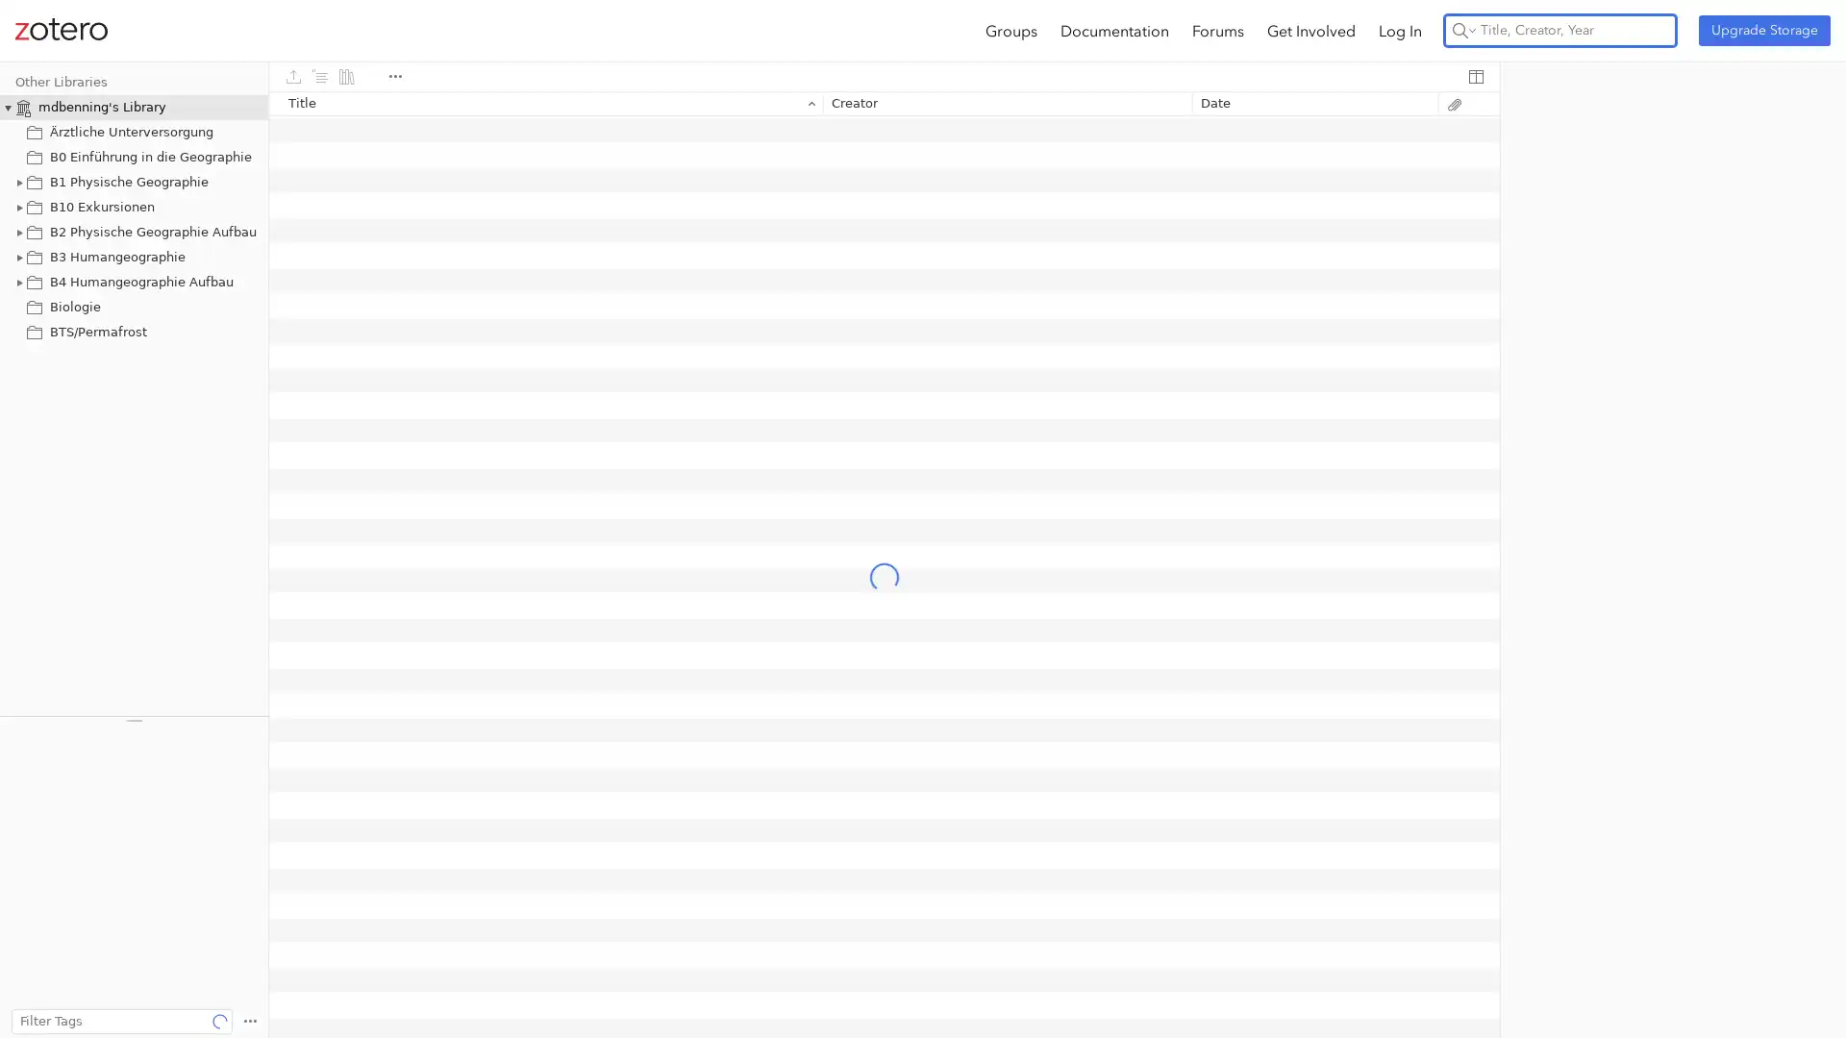 The image size is (1846, 1038). I want to click on ambulante Versorgung, so click(81, 736).